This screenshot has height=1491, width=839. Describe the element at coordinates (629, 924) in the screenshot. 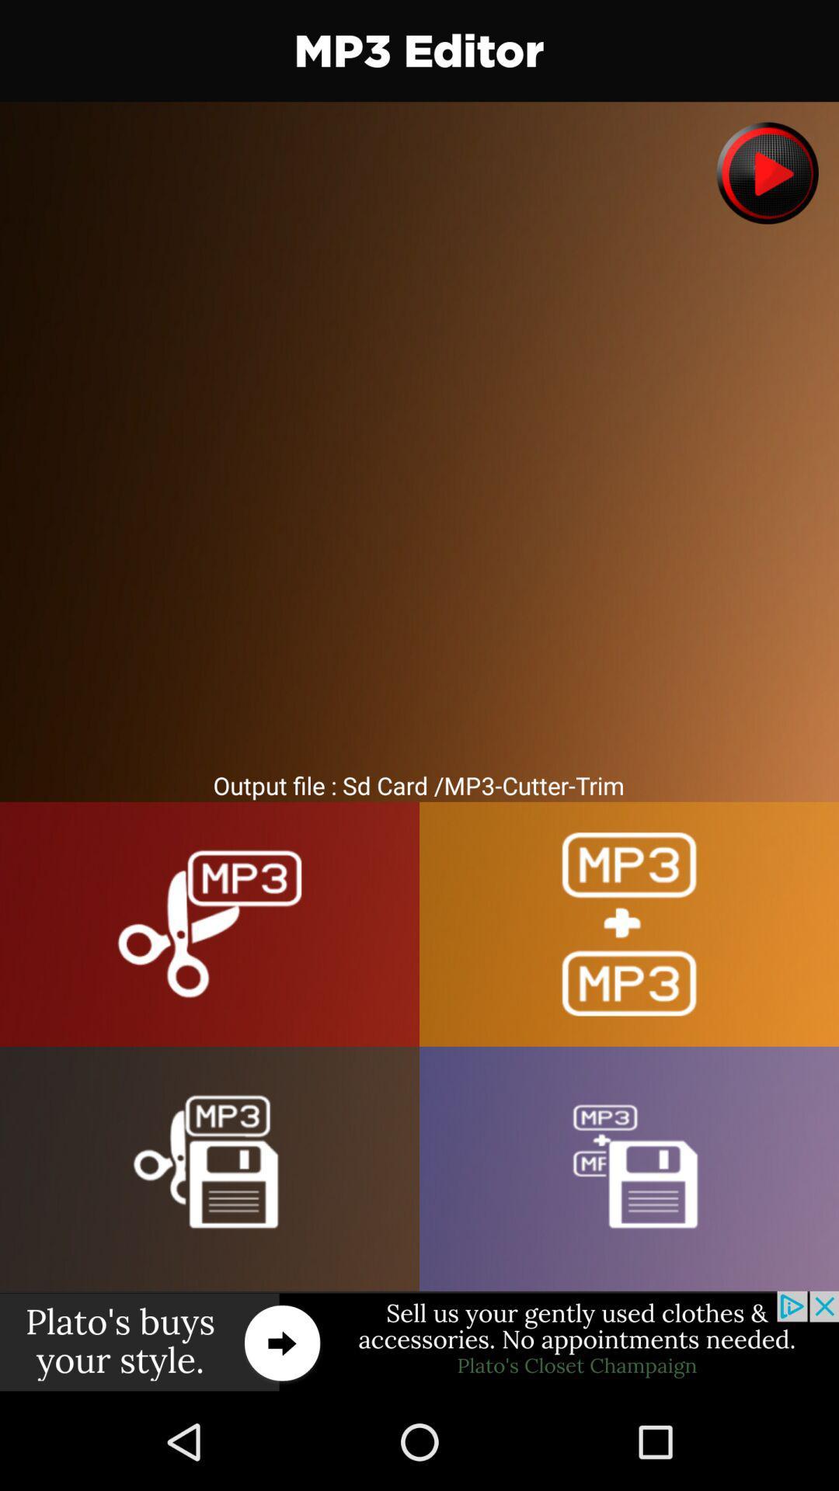

I see `mp3 mp3 option` at that location.